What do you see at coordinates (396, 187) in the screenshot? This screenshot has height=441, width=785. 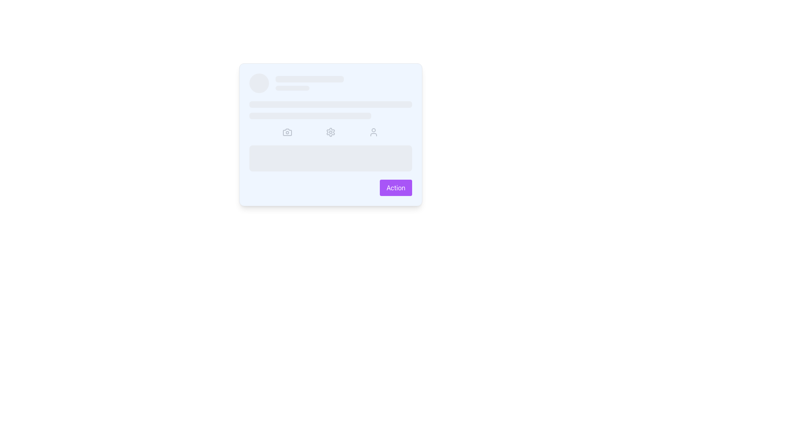 I see `the button labeled 'Action' with a purple background` at bounding box center [396, 187].